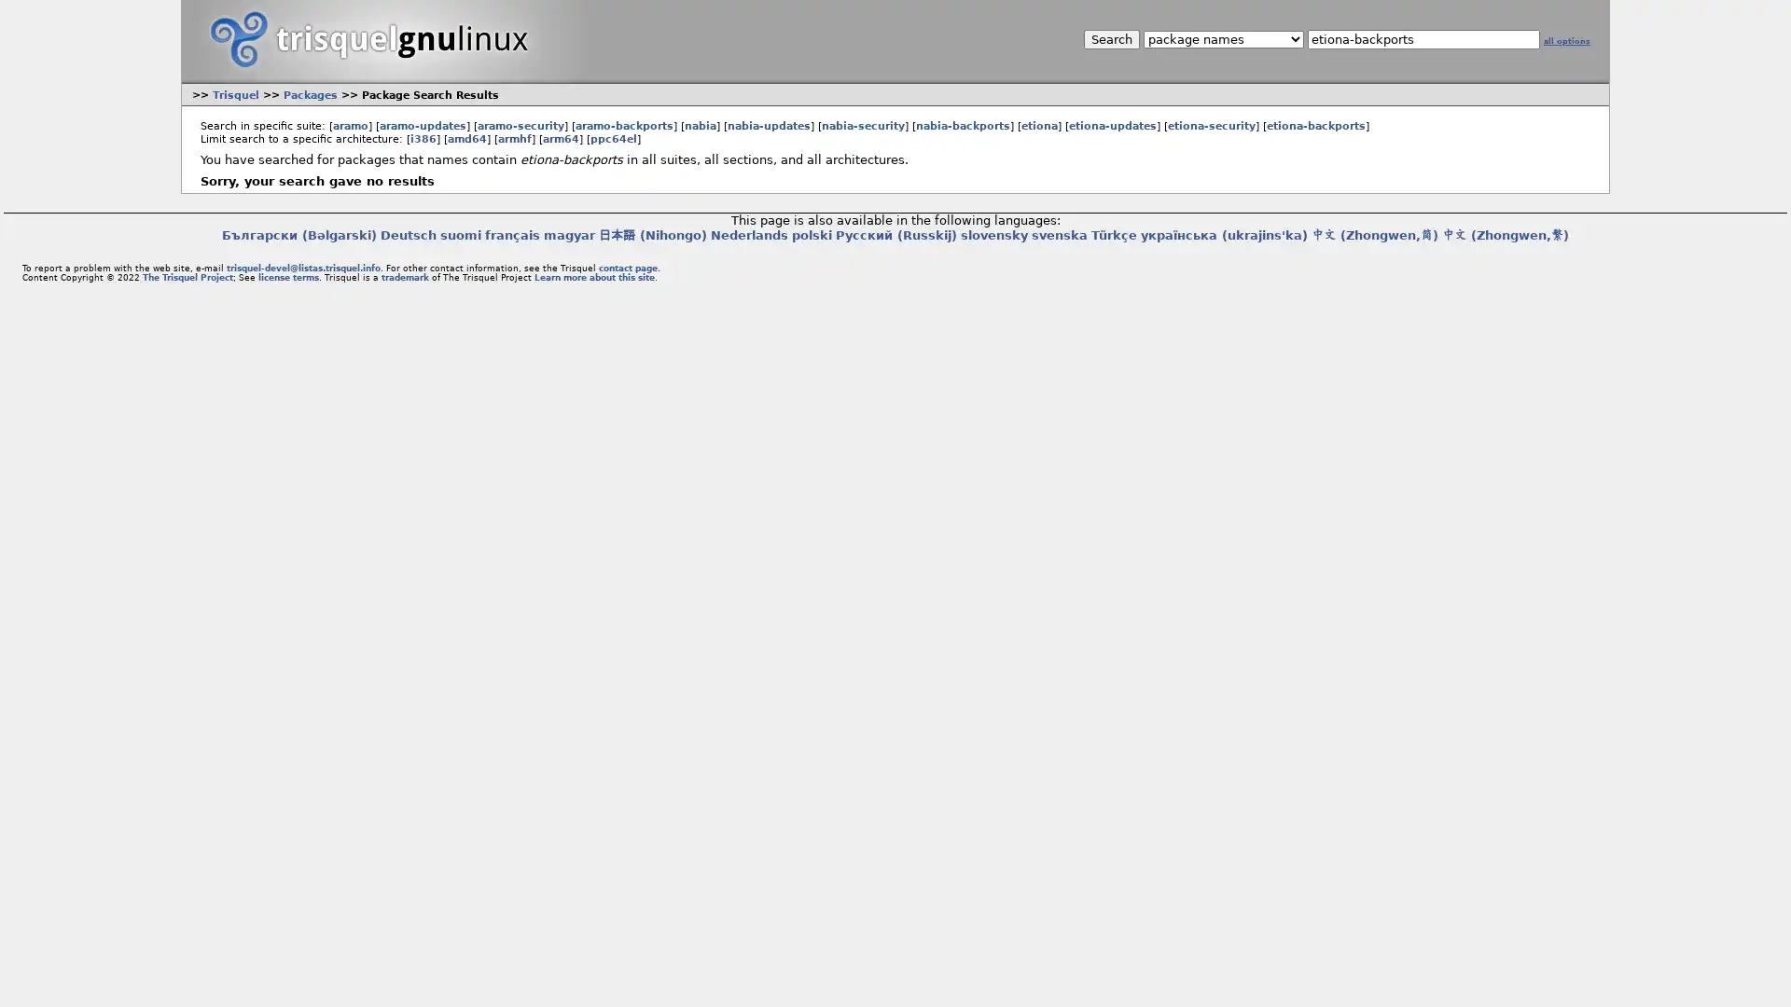 The width and height of the screenshot is (1791, 1007). I want to click on Search, so click(1110, 39).